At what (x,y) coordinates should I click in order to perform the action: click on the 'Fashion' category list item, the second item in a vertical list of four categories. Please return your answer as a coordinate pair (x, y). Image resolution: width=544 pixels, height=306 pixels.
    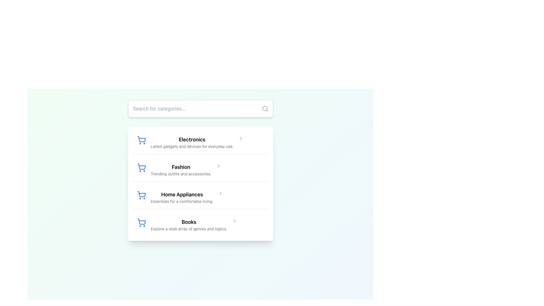
    Looking at the image, I should click on (201, 170).